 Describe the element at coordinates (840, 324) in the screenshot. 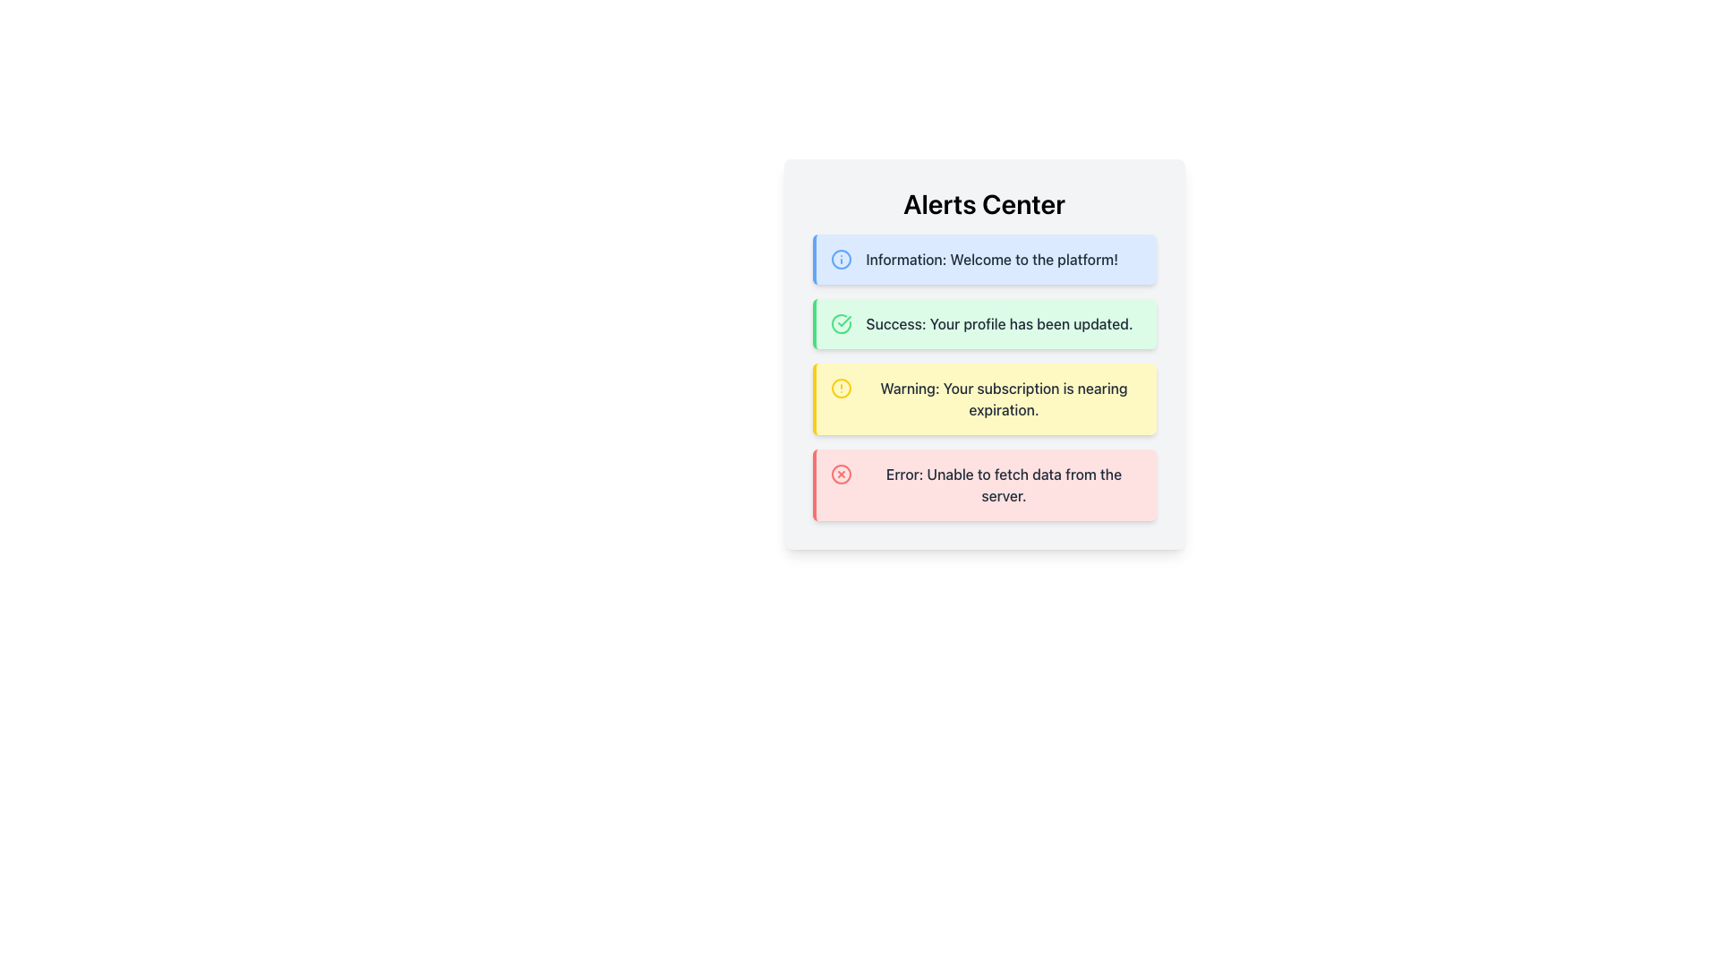

I see `the green circular checkmark icon within the 'Success' alert box that indicates the successful update of a profile` at that location.